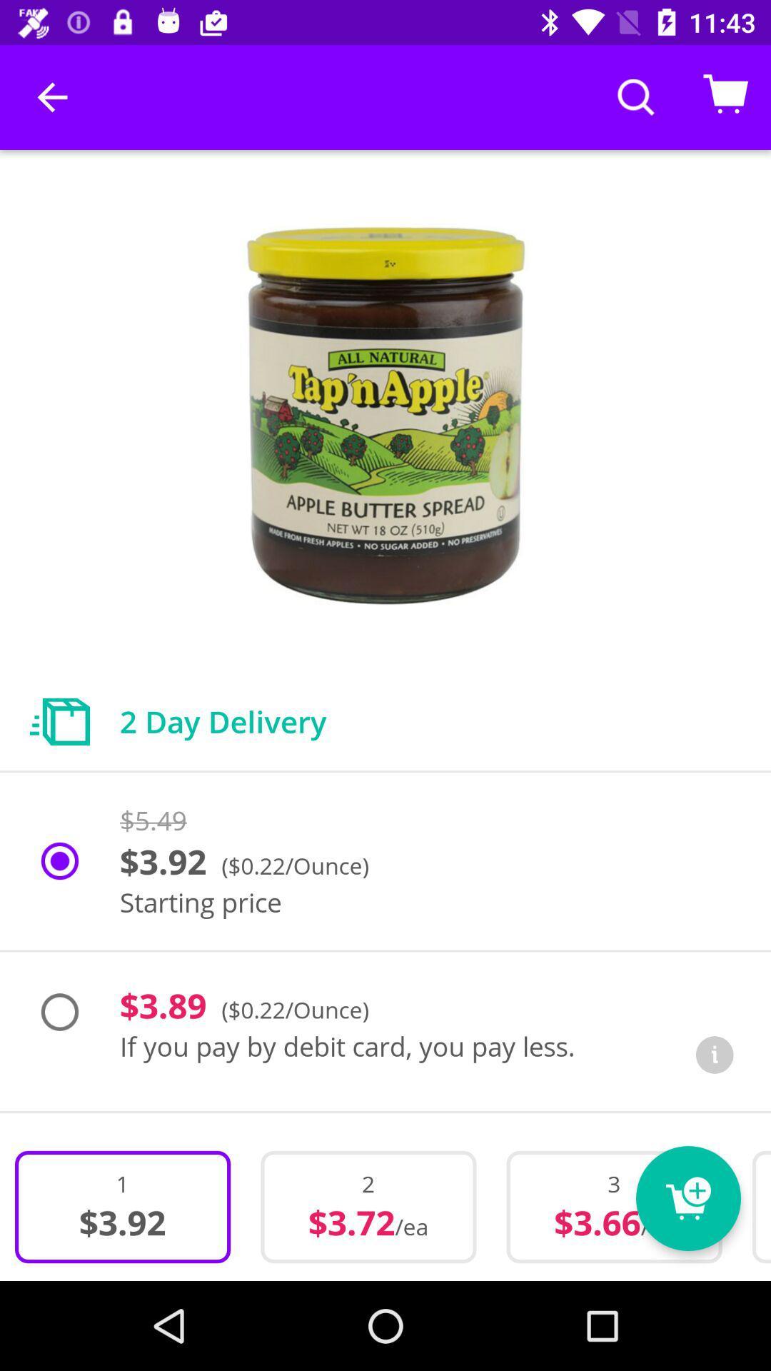 This screenshot has height=1371, width=771. What do you see at coordinates (635, 96) in the screenshot?
I see `the search option` at bounding box center [635, 96].